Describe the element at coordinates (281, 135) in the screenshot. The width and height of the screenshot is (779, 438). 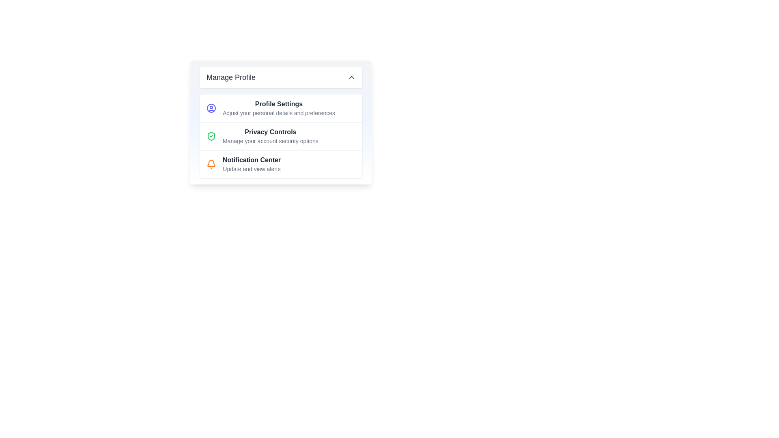
I see `the list item titled 'Privacy Controls' which features a green shield icon and is located within the 'Manage Profile' panel` at that location.